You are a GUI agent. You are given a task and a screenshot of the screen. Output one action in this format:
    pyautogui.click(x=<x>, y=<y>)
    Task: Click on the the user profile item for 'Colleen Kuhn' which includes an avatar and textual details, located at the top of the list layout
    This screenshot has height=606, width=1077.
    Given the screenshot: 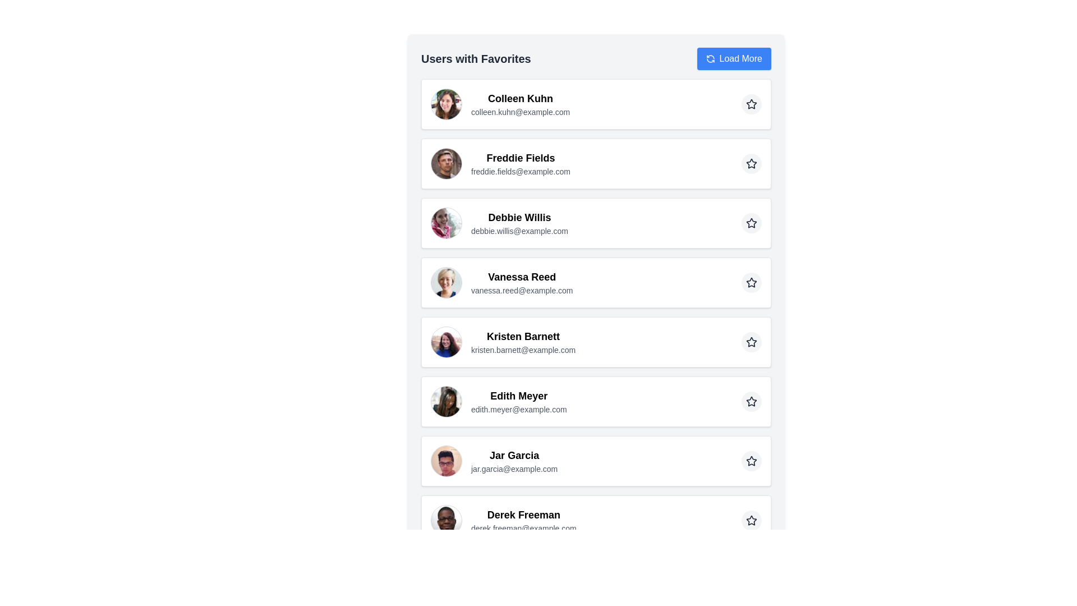 What is the action you would take?
    pyautogui.click(x=500, y=104)
    